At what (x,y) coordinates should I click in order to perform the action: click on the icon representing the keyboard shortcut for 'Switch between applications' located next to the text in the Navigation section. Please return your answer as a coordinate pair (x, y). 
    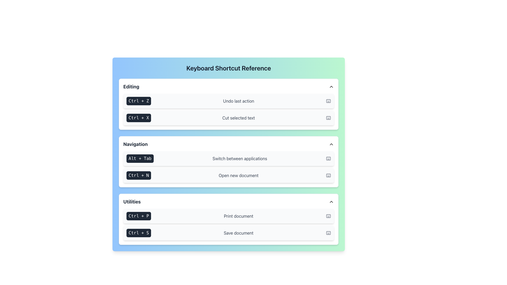
    Looking at the image, I should click on (328, 158).